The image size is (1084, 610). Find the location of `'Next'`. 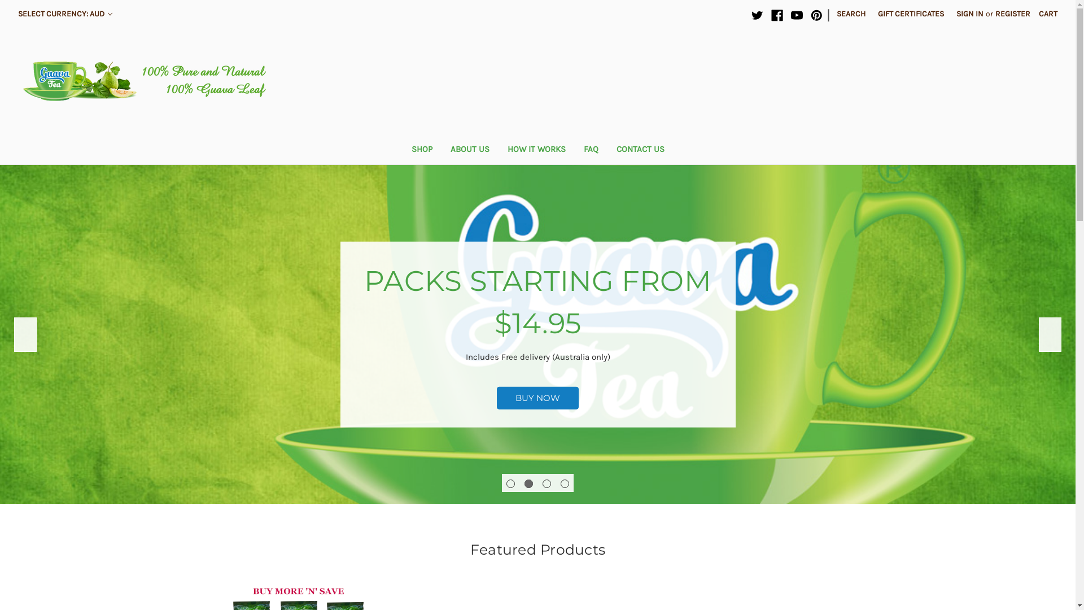

'Next' is located at coordinates (1038, 334).